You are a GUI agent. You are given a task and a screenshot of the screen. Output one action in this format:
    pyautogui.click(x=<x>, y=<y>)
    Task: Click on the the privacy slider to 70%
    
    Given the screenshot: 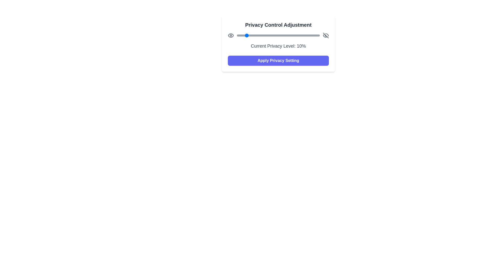 What is the action you would take?
    pyautogui.click(x=295, y=35)
    